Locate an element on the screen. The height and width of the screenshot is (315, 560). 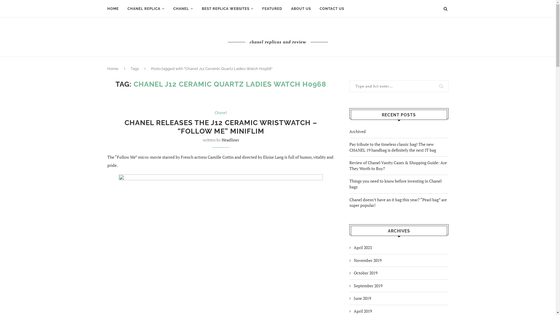
'CONTACT US' is located at coordinates (319, 9).